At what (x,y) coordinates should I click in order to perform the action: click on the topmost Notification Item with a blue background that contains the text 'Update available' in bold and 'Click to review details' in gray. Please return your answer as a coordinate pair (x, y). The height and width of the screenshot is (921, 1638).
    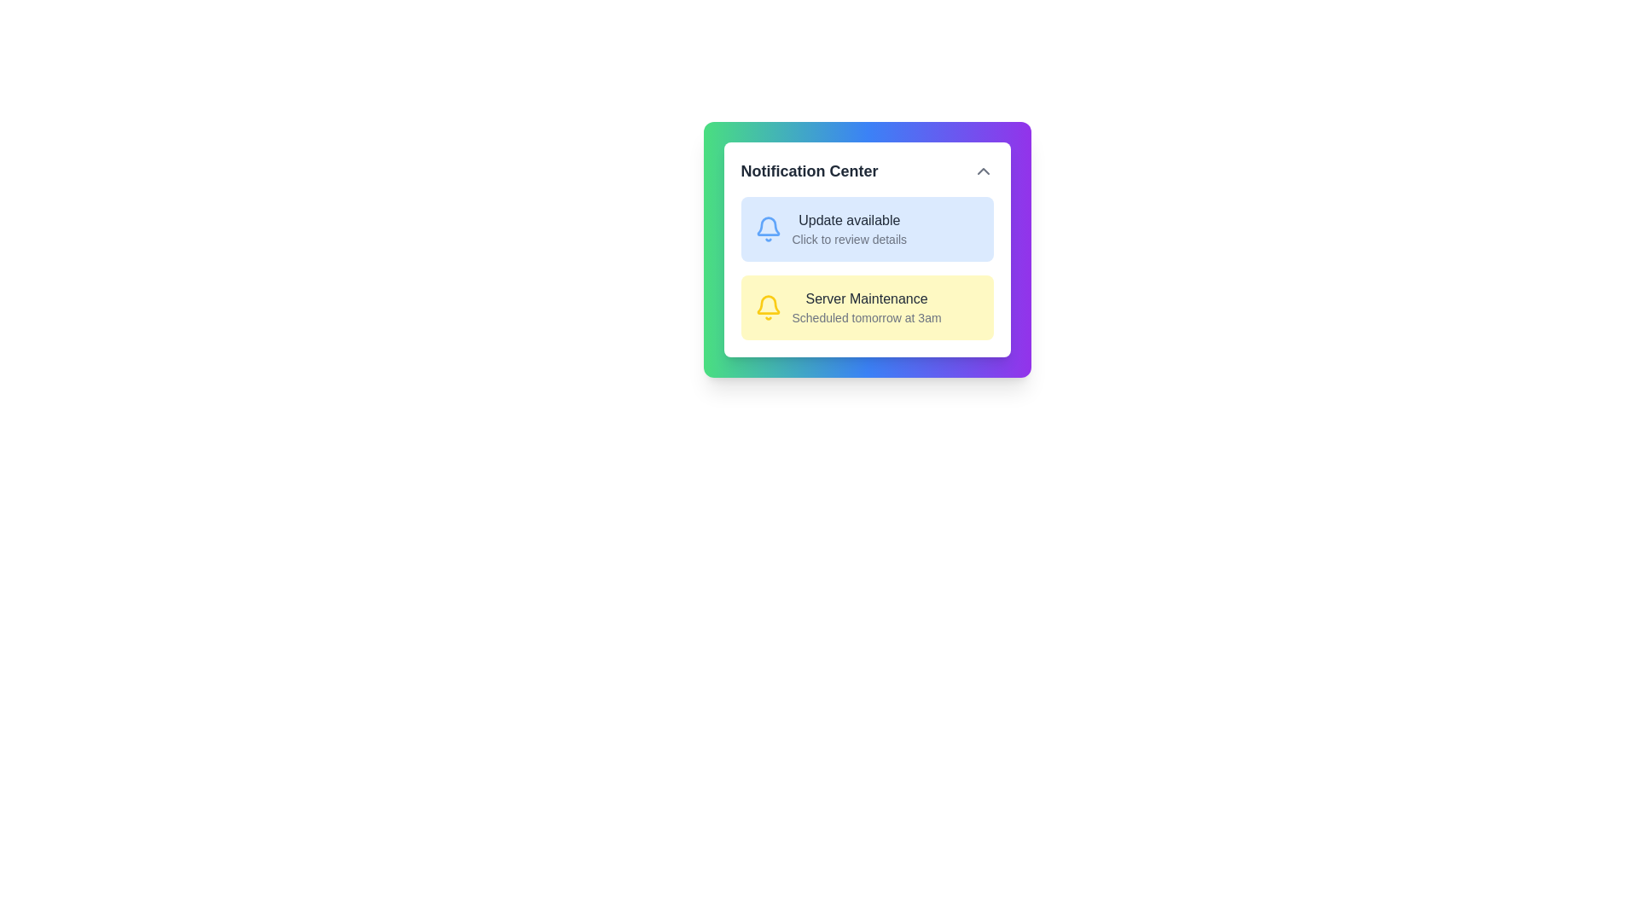
    Looking at the image, I should click on (849, 229).